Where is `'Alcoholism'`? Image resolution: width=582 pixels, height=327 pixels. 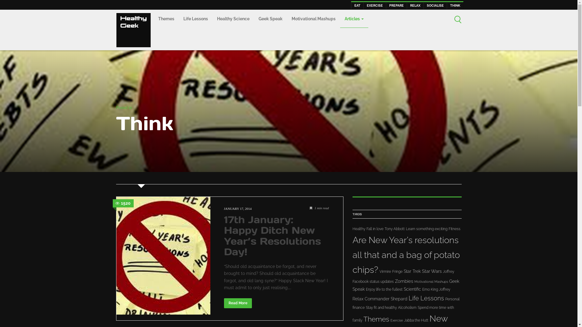
'Alcoholism' is located at coordinates (407, 307).